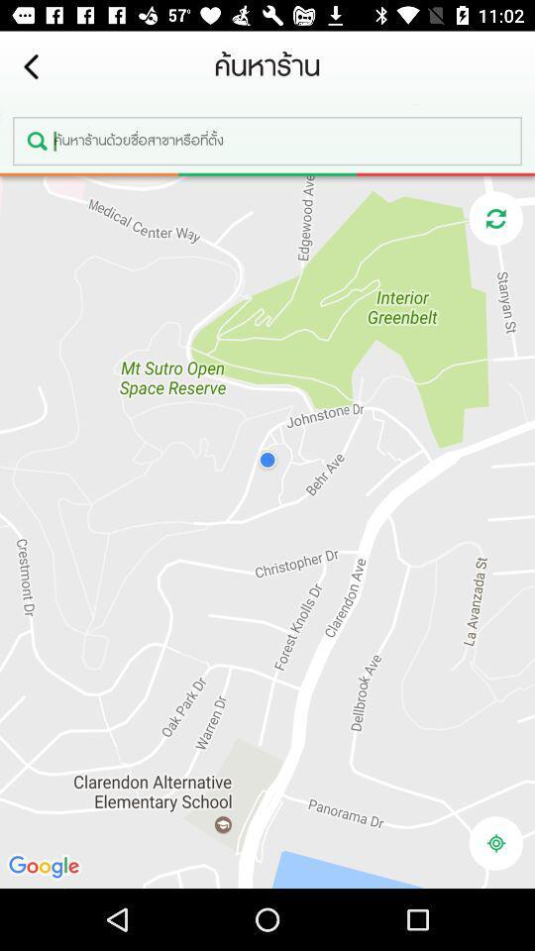 Image resolution: width=535 pixels, height=951 pixels. What do you see at coordinates (494, 842) in the screenshot?
I see `your neighborhood` at bounding box center [494, 842].